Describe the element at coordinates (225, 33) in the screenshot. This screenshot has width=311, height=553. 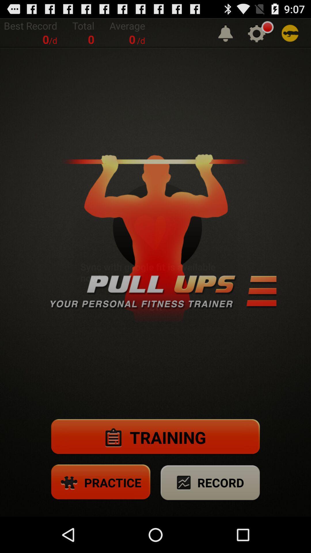
I see `the app to the right of the average` at that location.